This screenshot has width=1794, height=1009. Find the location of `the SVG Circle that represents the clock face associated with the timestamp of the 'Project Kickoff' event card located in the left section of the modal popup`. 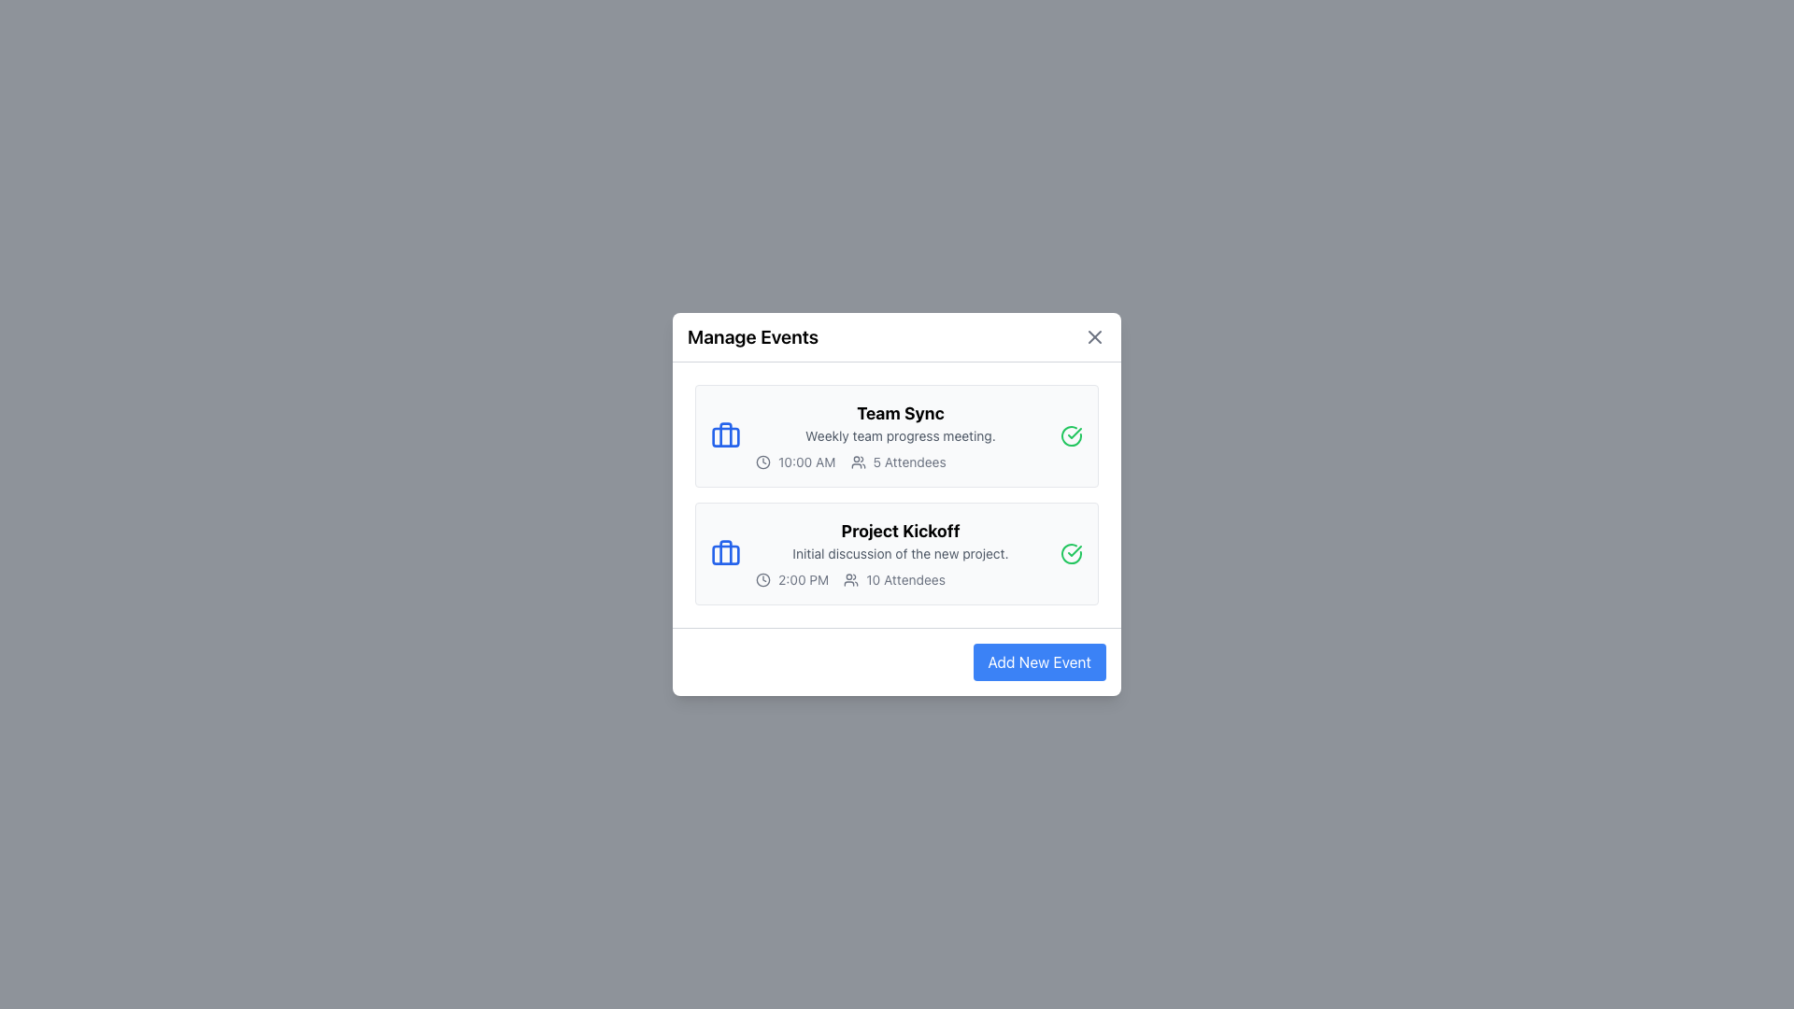

the SVG Circle that represents the clock face associated with the timestamp of the 'Project Kickoff' event card located in the left section of the modal popup is located at coordinates (762, 579).